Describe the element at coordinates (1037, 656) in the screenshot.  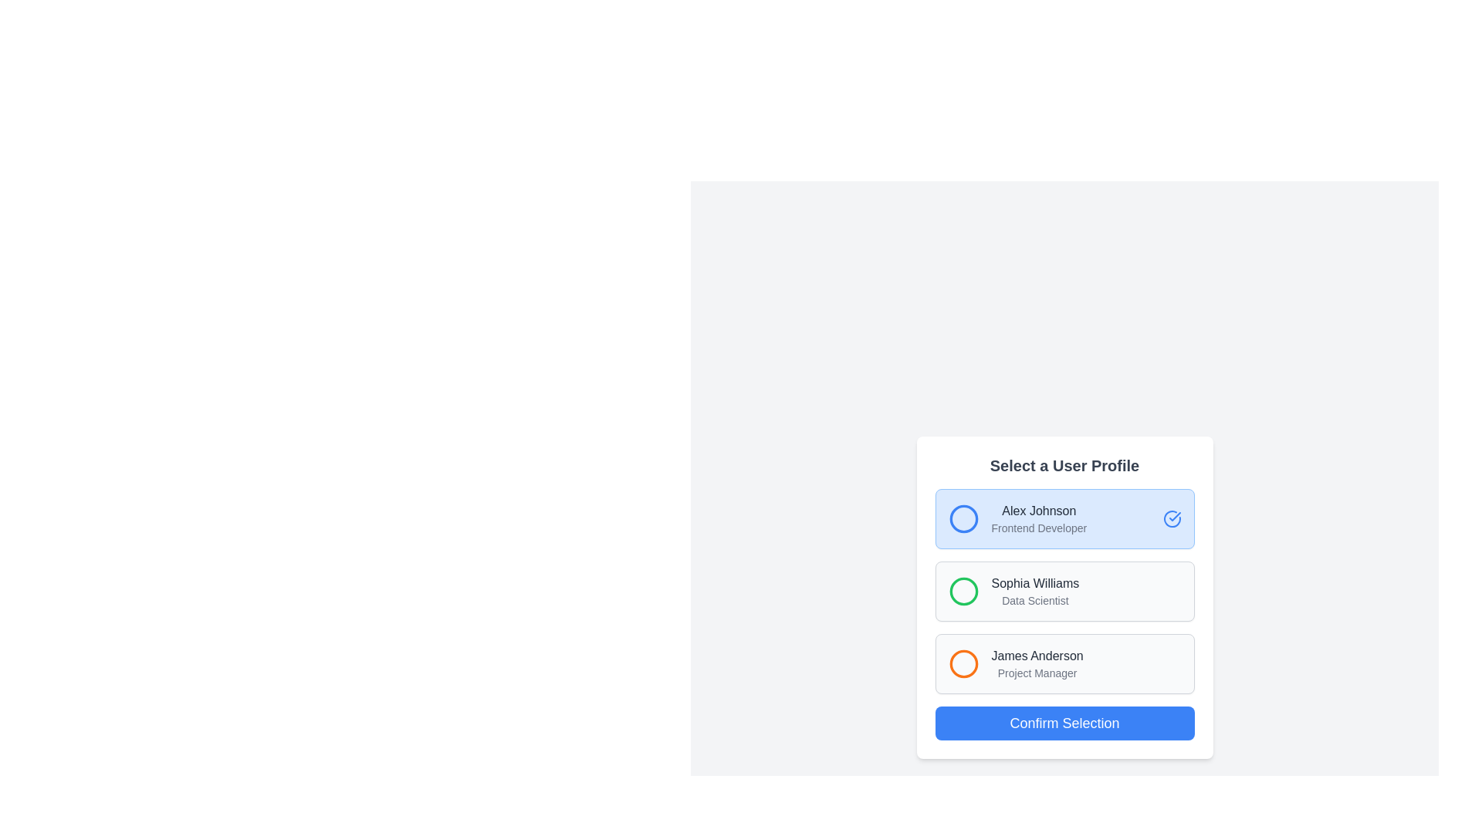
I see `text content of the label displaying 'James Anderson', which is located in the third user profile card under the 'Select a User Profile' section` at that location.